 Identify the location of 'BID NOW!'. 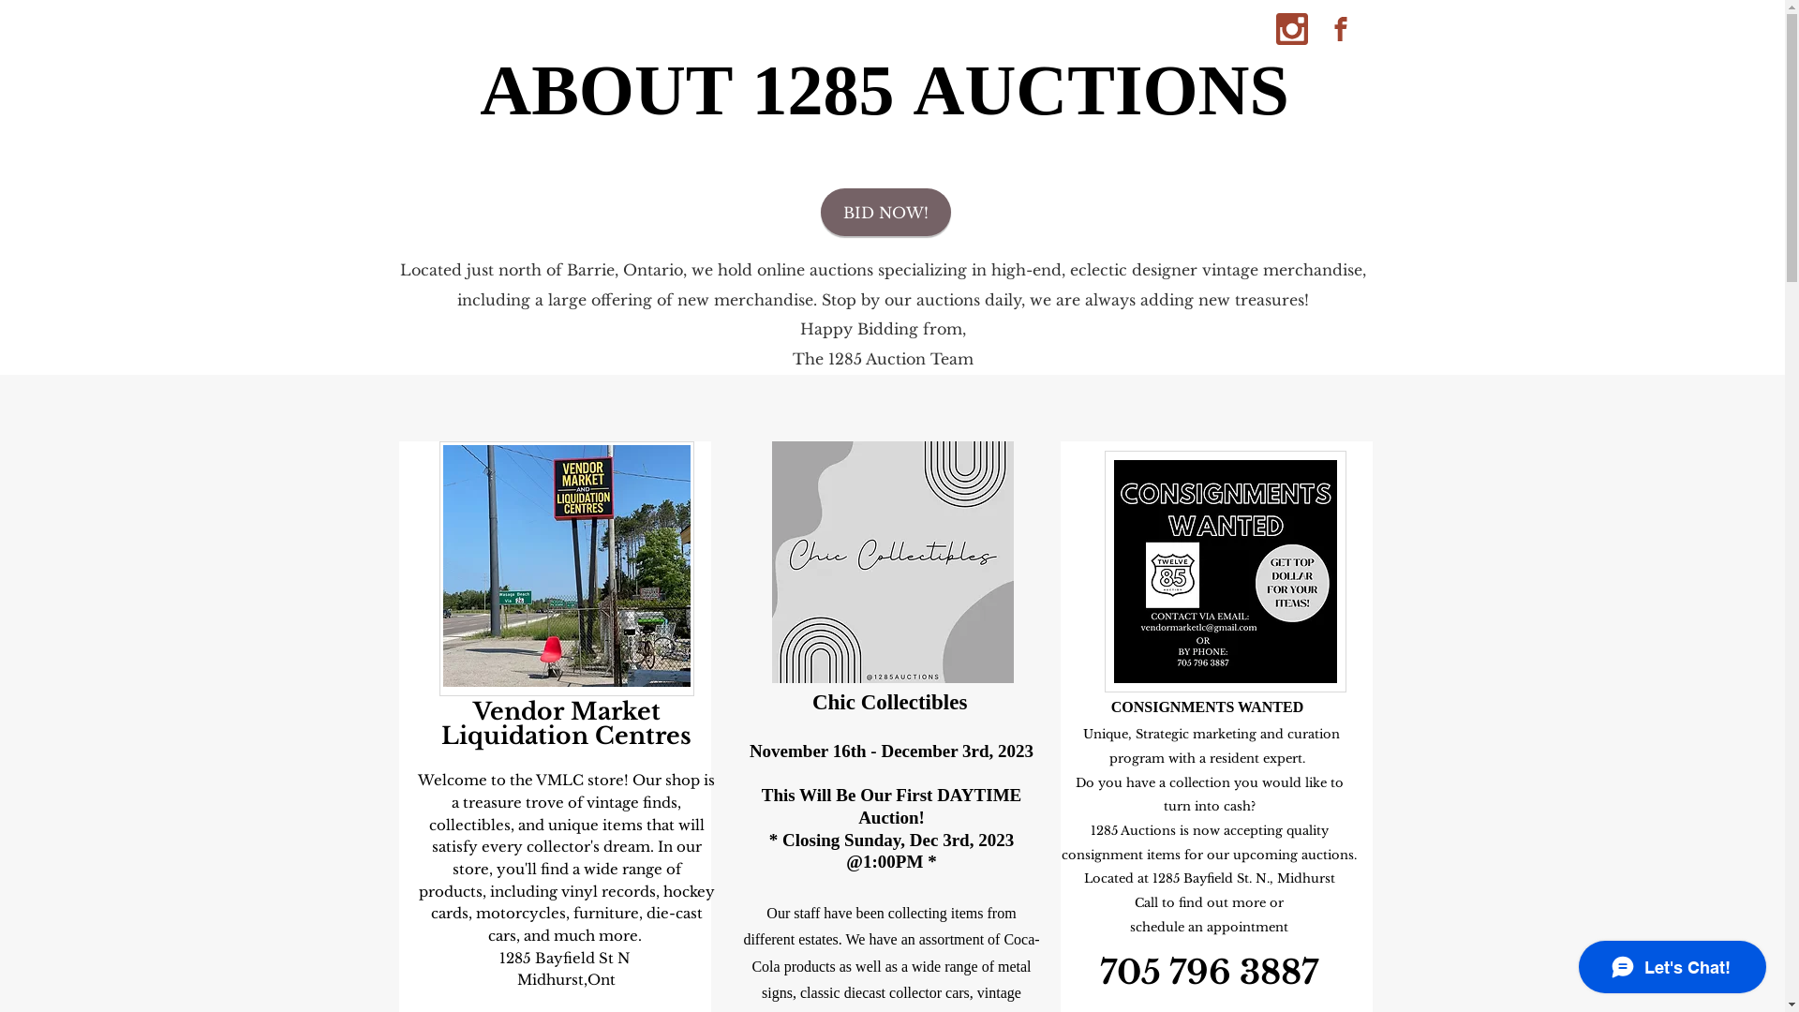
(885, 211).